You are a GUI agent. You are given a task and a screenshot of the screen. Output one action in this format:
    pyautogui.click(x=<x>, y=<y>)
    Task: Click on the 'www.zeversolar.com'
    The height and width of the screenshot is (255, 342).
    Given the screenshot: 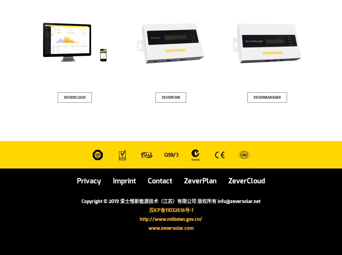 What is the action you would take?
    pyautogui.click(x=171, y=228)
    